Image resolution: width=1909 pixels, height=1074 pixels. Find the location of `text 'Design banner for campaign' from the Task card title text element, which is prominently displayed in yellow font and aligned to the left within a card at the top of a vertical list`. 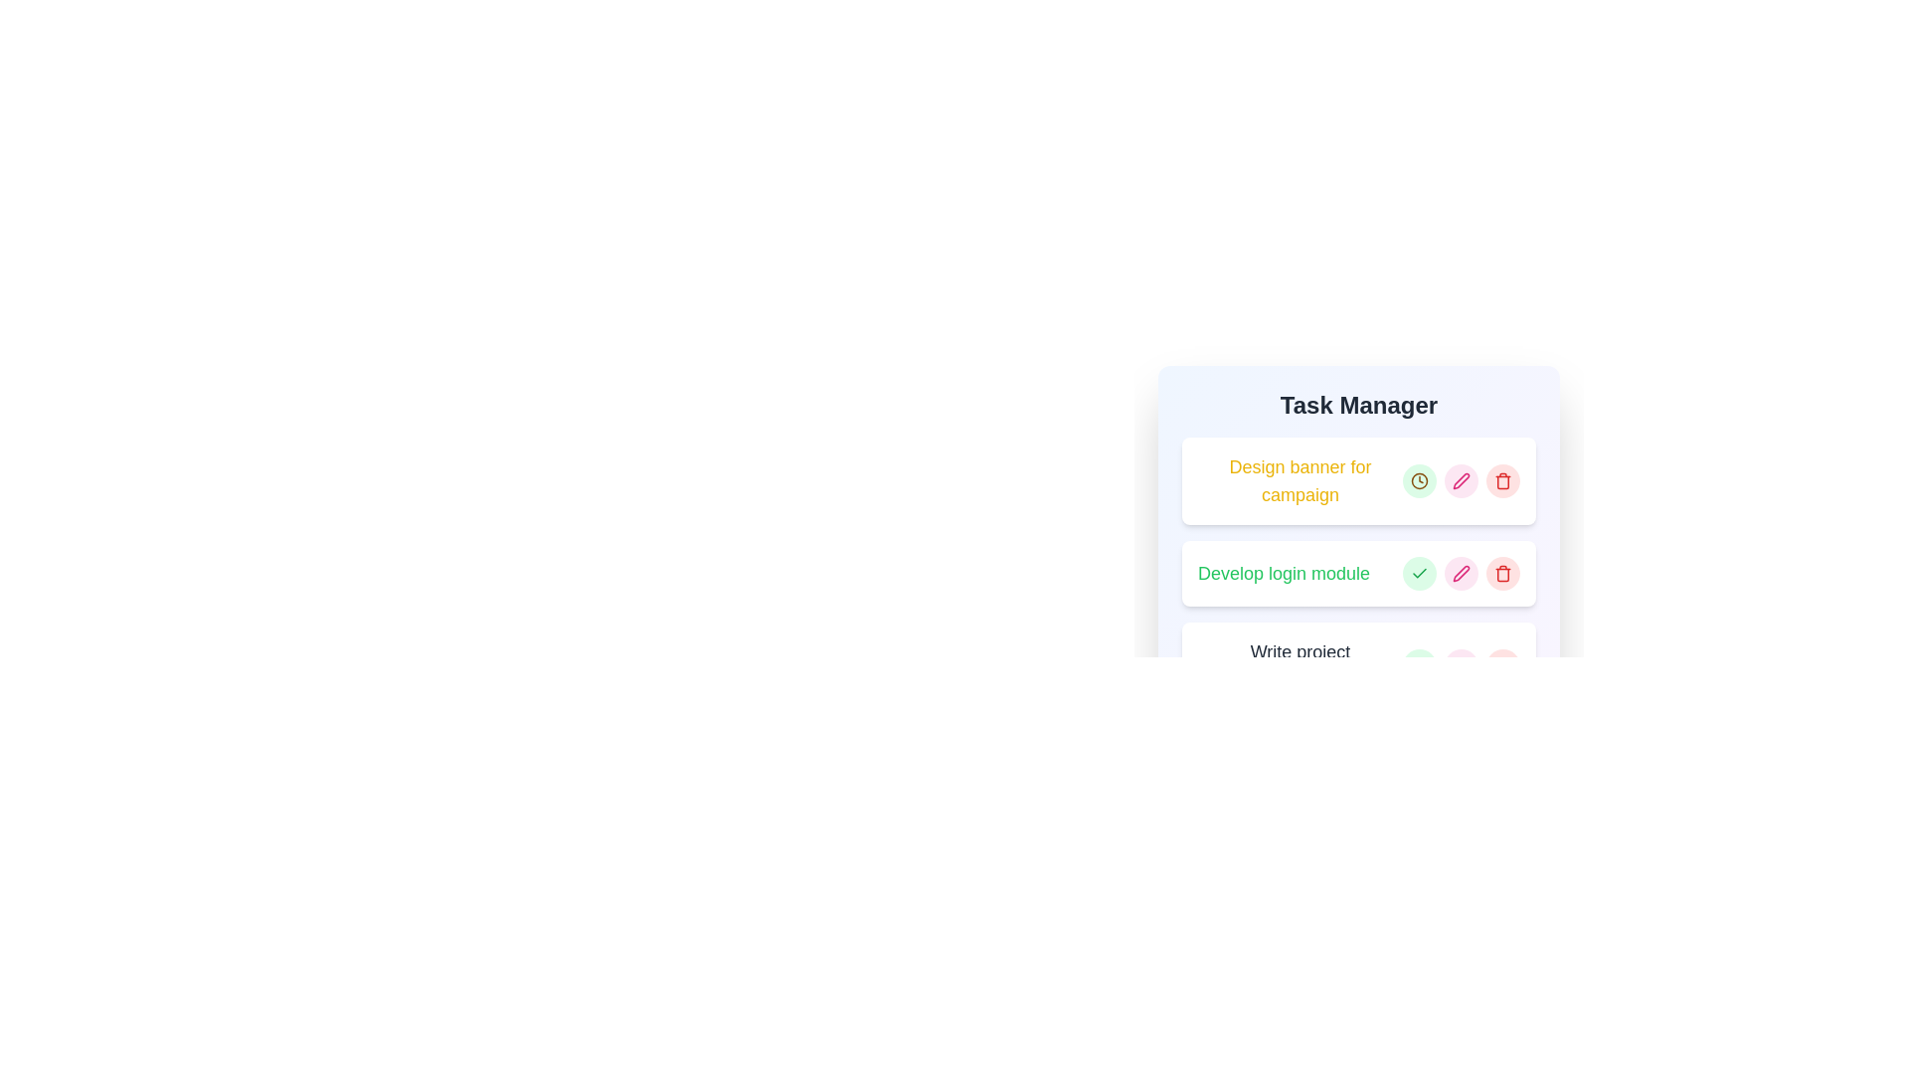

text 'Design banner for campaign' from the Task card title text element, which is prominently displayed in yellow font and aligned to the left within a card at the top of a vertical list is located at coordinates (1358, 480).